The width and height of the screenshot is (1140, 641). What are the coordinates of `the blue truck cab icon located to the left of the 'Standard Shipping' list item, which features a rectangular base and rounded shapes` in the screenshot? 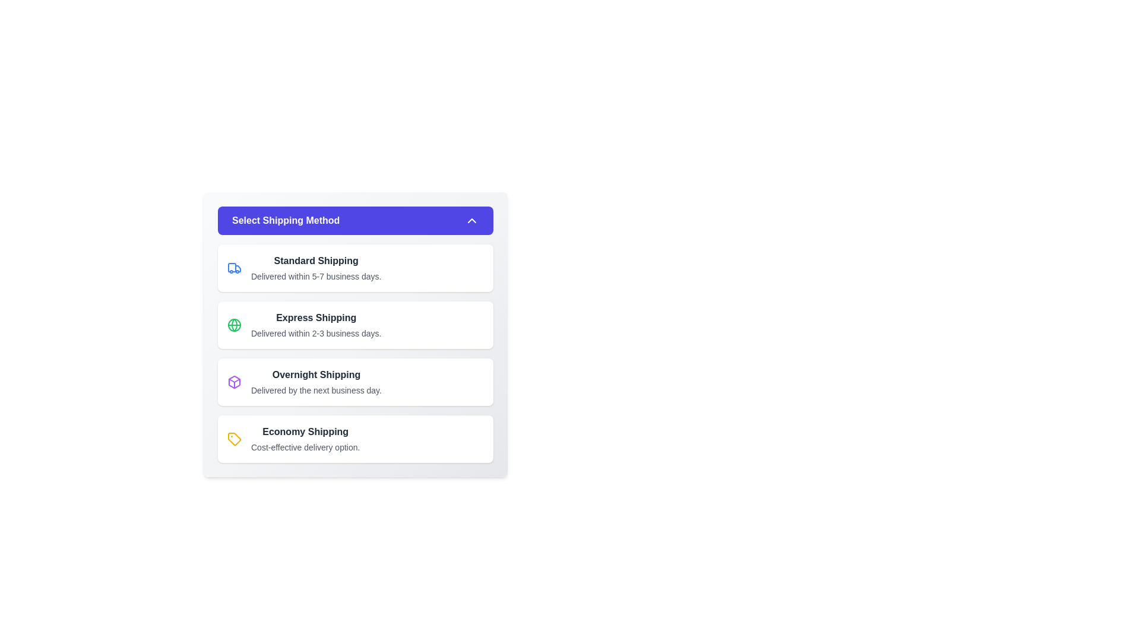 It's located at (232, 268).